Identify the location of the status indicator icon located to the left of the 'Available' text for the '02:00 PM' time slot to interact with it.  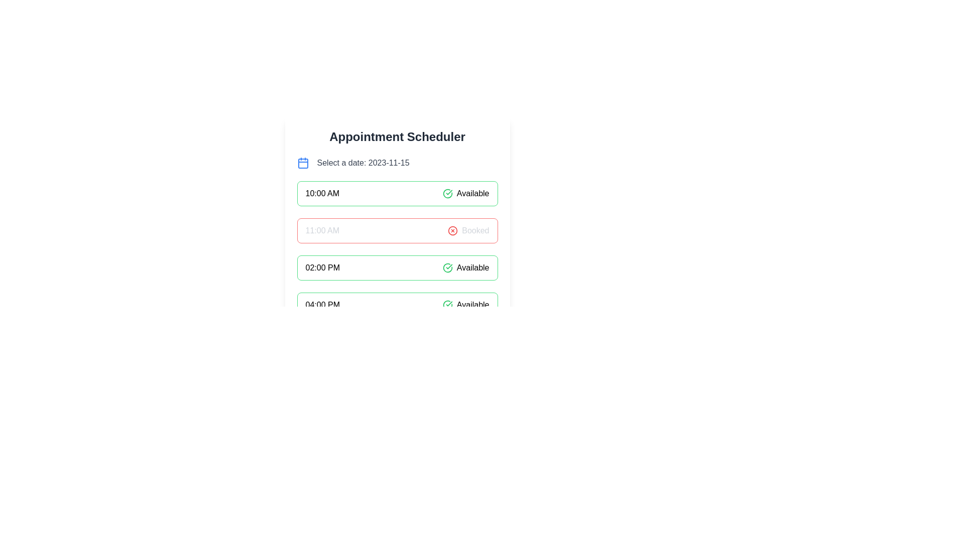
(447, 267).